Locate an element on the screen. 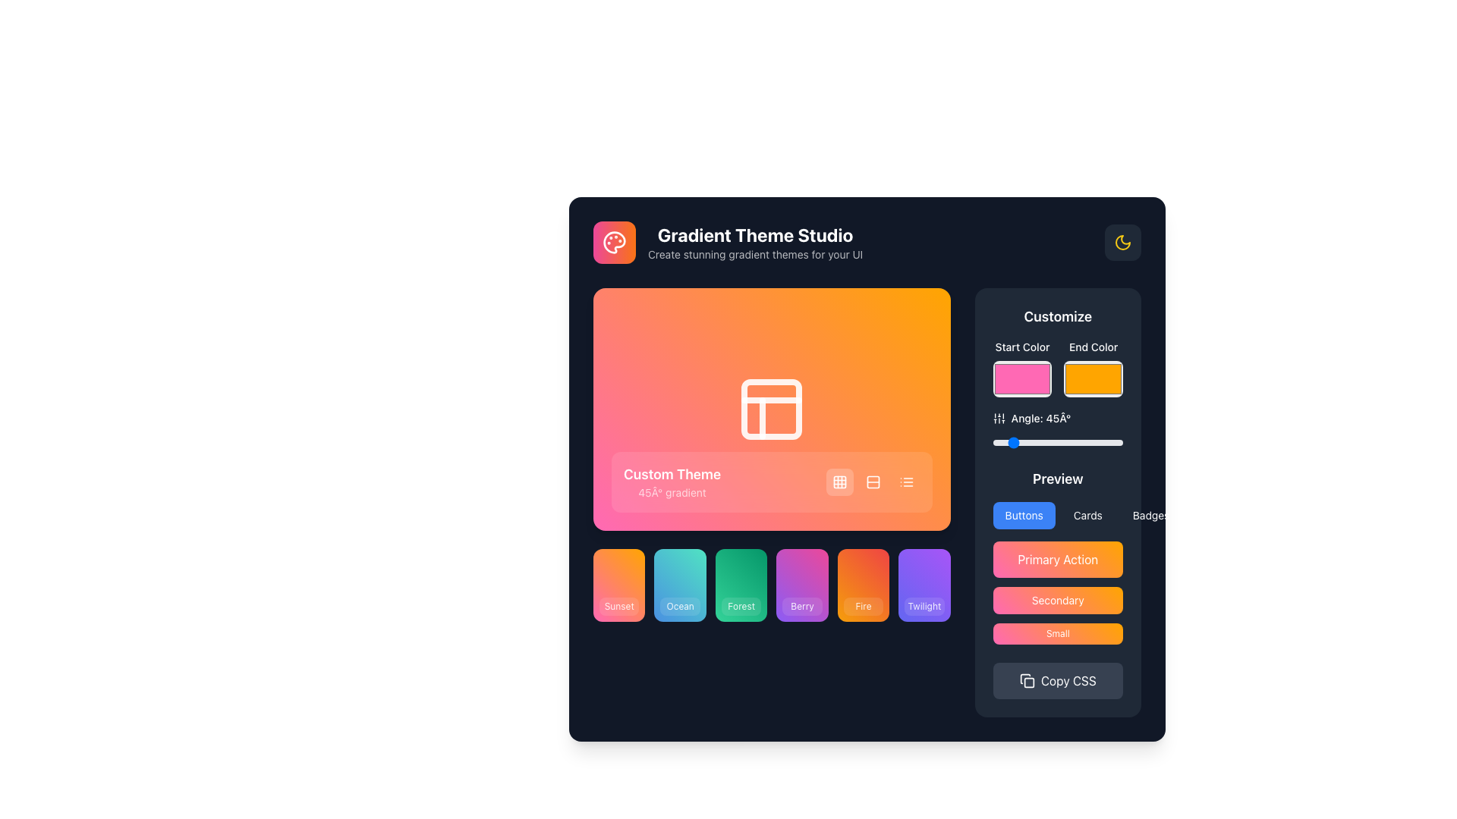 Image resolution: width=1457 pixels, height=819 pixels. text displayed on the 'Customize' text label, which is a bold white font against a dark background, located in the top-right section of the interface is located at coordinates (1057, 315).